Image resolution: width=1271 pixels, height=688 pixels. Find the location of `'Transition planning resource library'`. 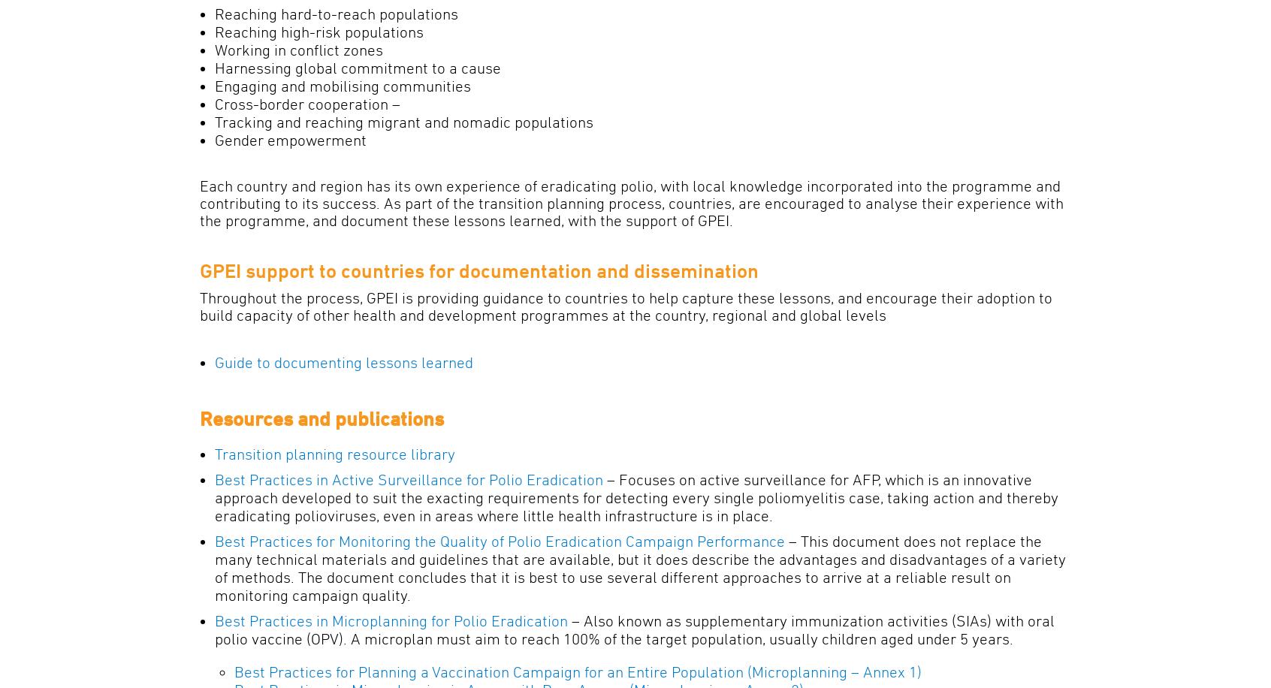

'Transition planning resource library' is located at coordinates (213, 454).